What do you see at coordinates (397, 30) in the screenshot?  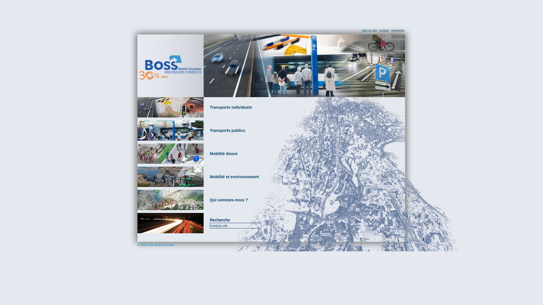 I see `'recherche'` at bounding box center [397, 30].